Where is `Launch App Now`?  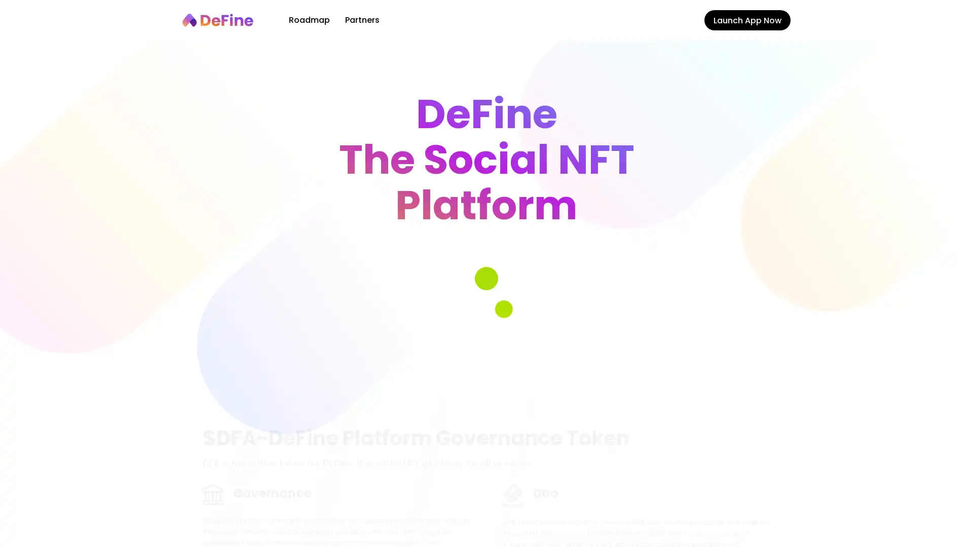 Launch App Now is located at coordinates (747, 20).